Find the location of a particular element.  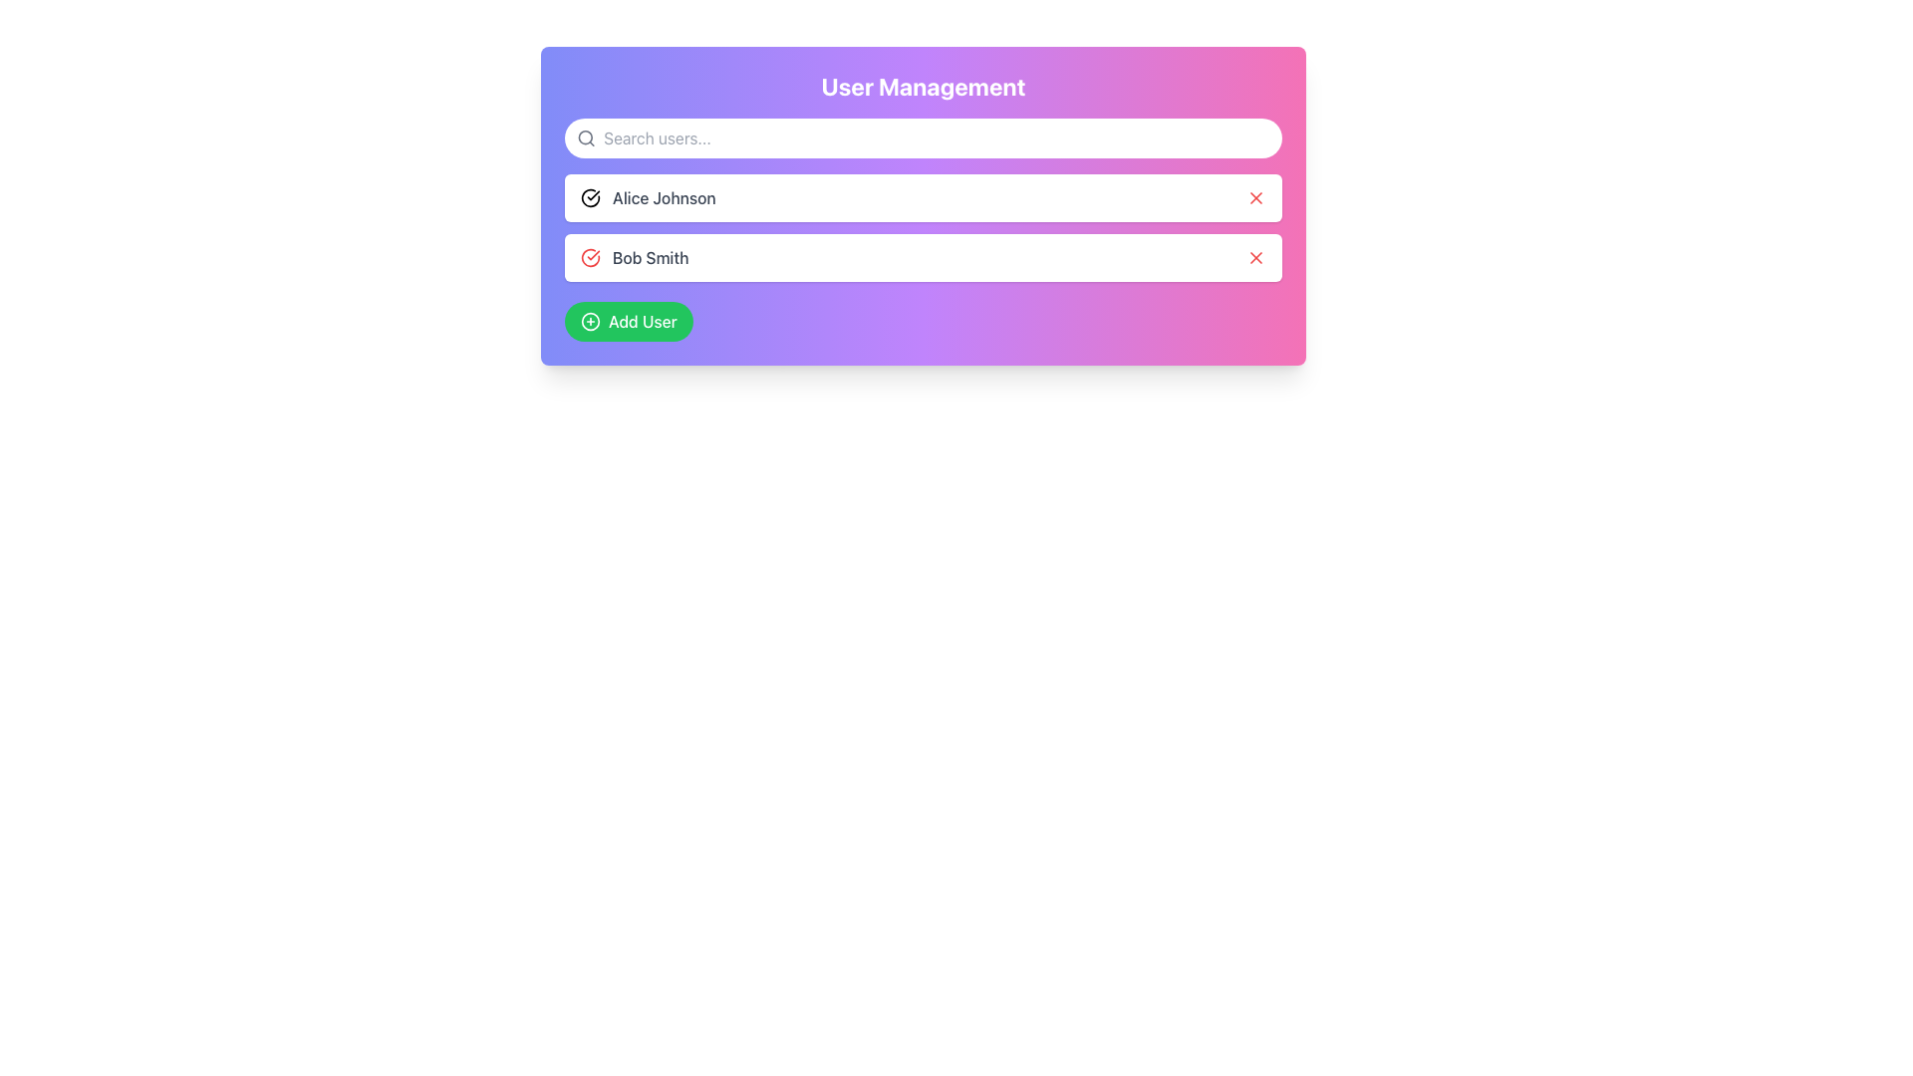

the close icon button for the user 'Bob Smith' in the 'User Management' interface is located at coordinates (1255, 256).